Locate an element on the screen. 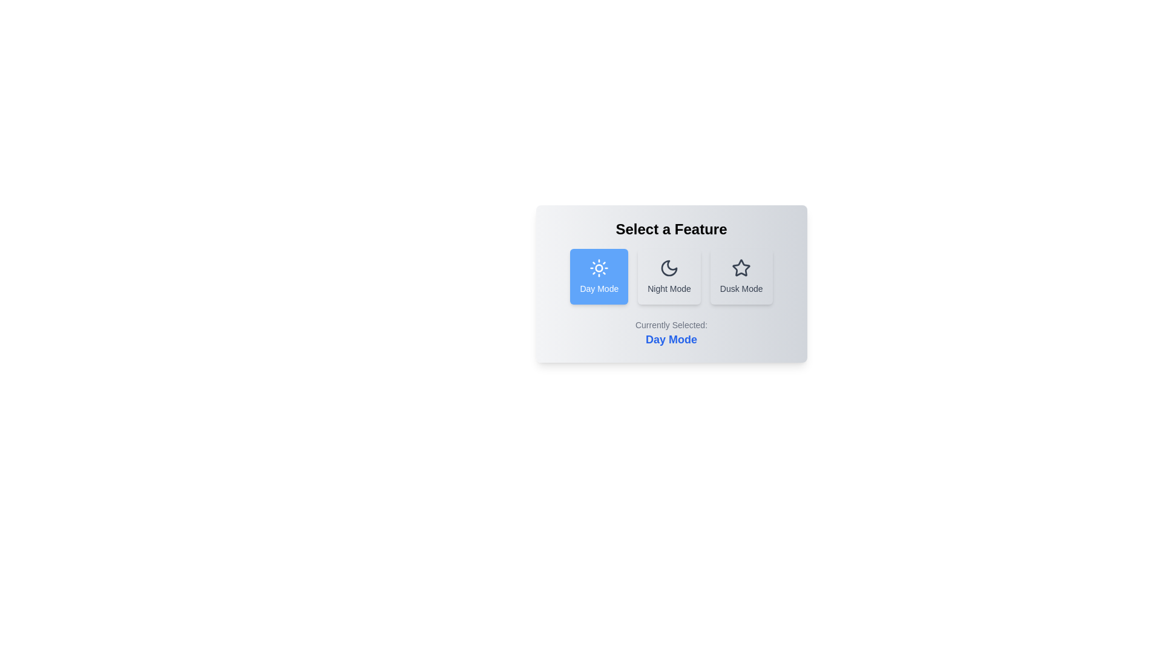 This screenshot has width=1162, height=654. the feature corresponding to Dusk Mode mode is located at coordinates (741, 276).